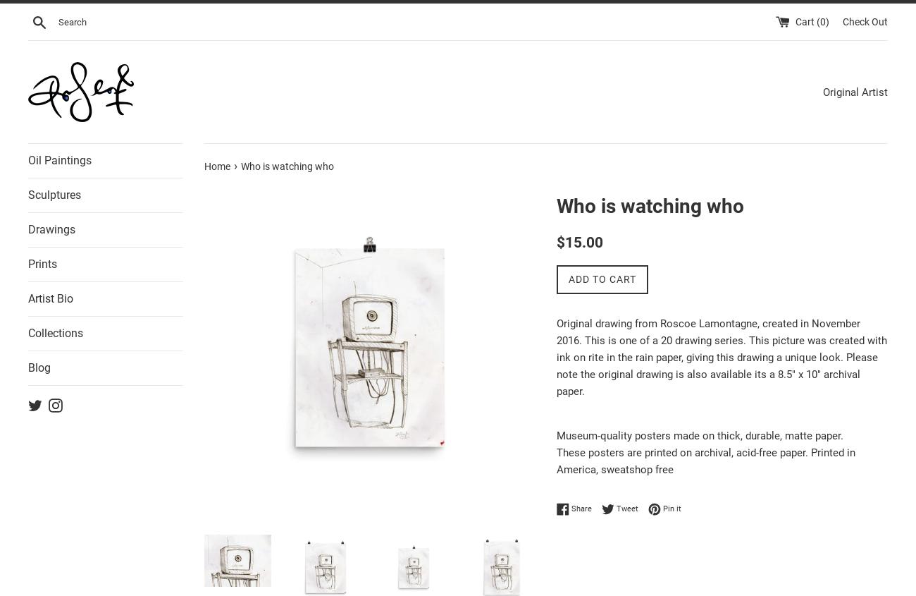 This screenshot has height=596, width=916. What do you see at coordinates (671, 507) in the screenshot?
I see `'Pin it'` at bounding box center [671, 507].